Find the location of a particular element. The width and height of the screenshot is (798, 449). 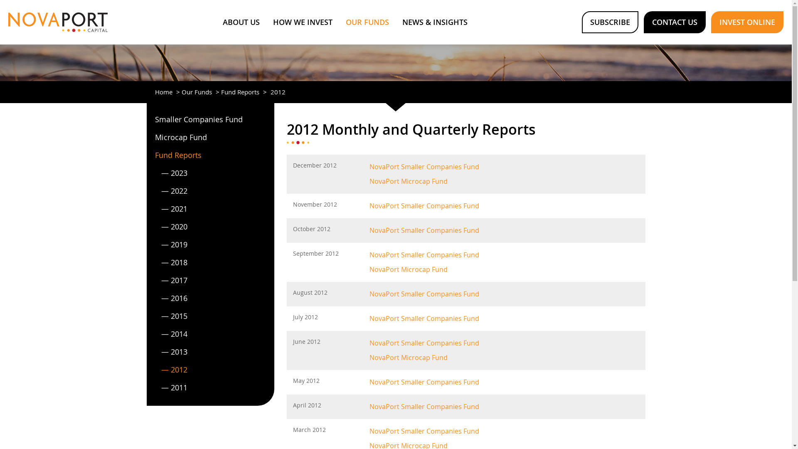

'ABOUT US' is located at coordinates (241, 22).